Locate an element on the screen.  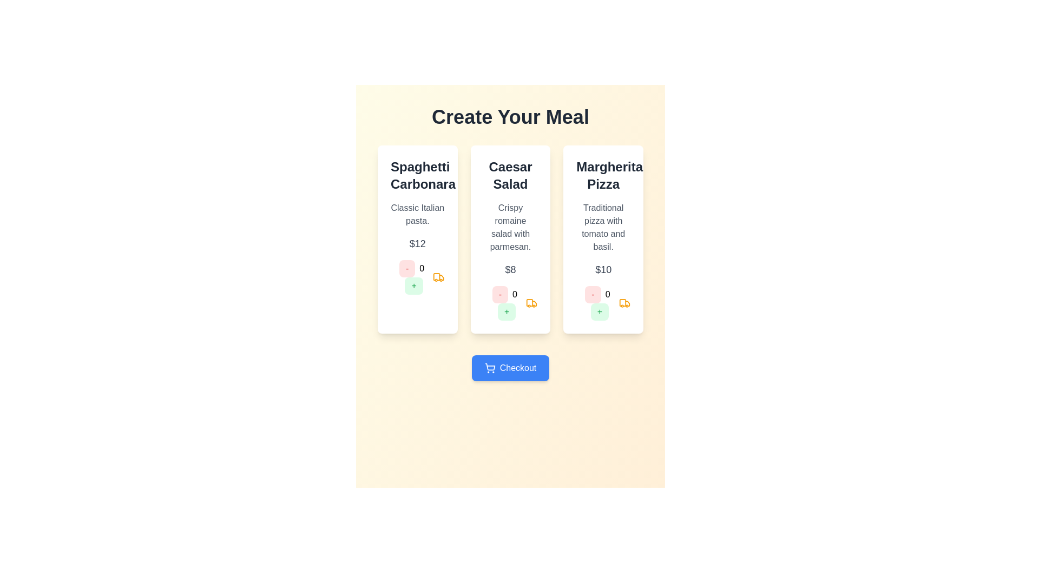
the delivery or transport functionality icon located in the center menu card titled 'Caesar Salad', situated beneath the numeric display '0' and adjacent to the '-' and '+' buttons is located at coordinates (531, 303).